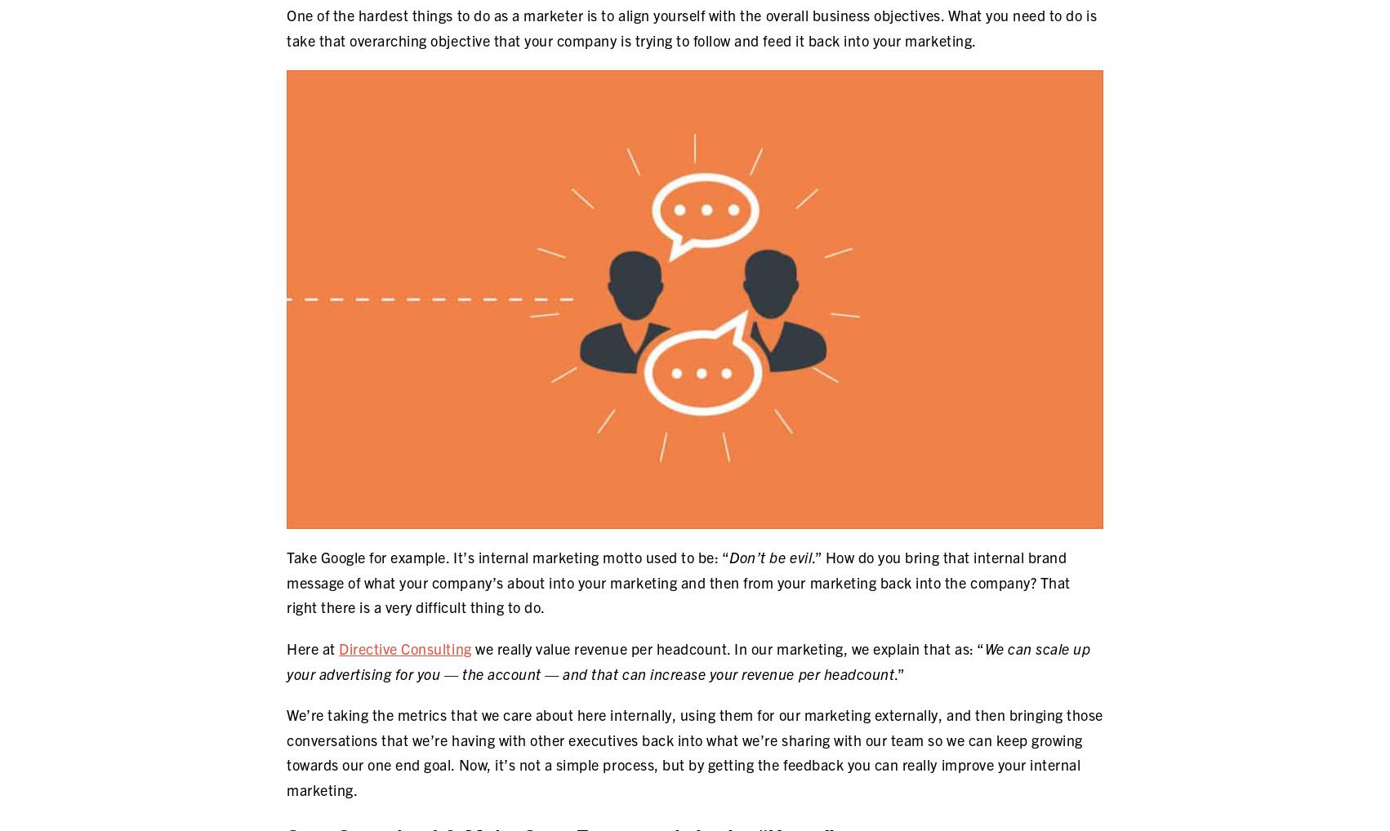 The width and height of the screenshot is (1390, 831). I want to click on 'we really value revenue per headcount. In our marketing, we explain that as: “', so click(727, 647).